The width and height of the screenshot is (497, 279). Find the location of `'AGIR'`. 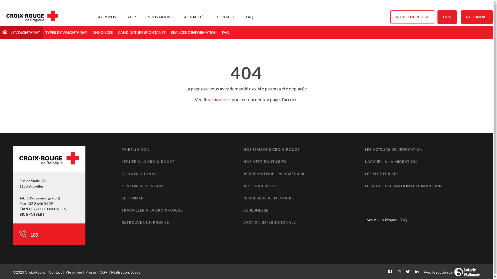

'AGIR' is located at coordinates (131, 17).